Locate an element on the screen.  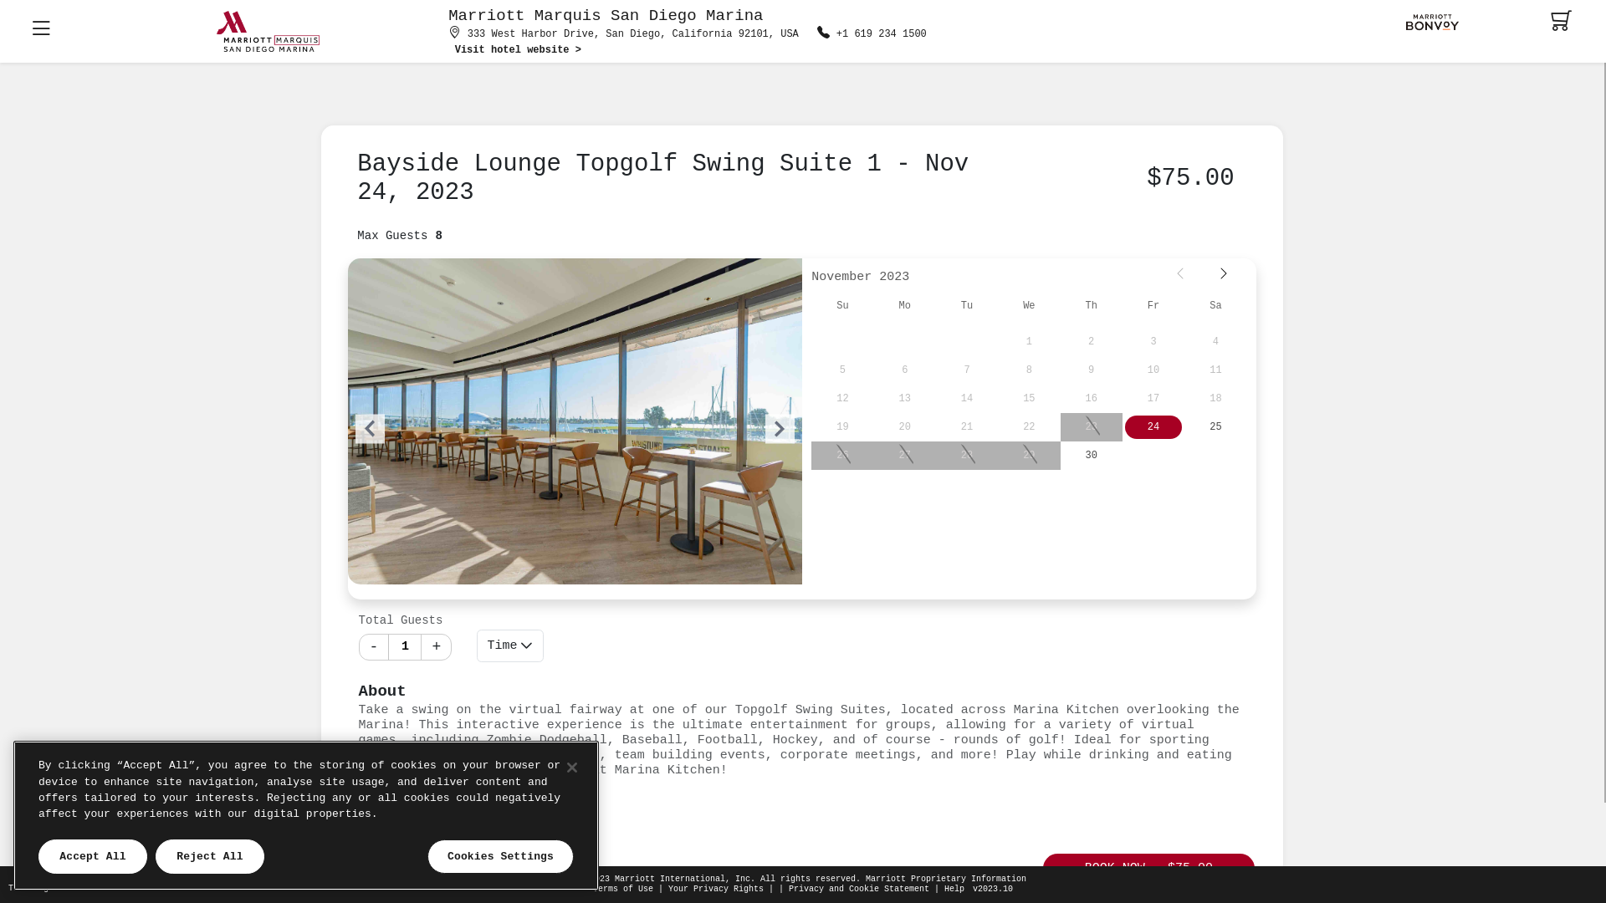
'Accept All' is located at coordinates (91, 857).